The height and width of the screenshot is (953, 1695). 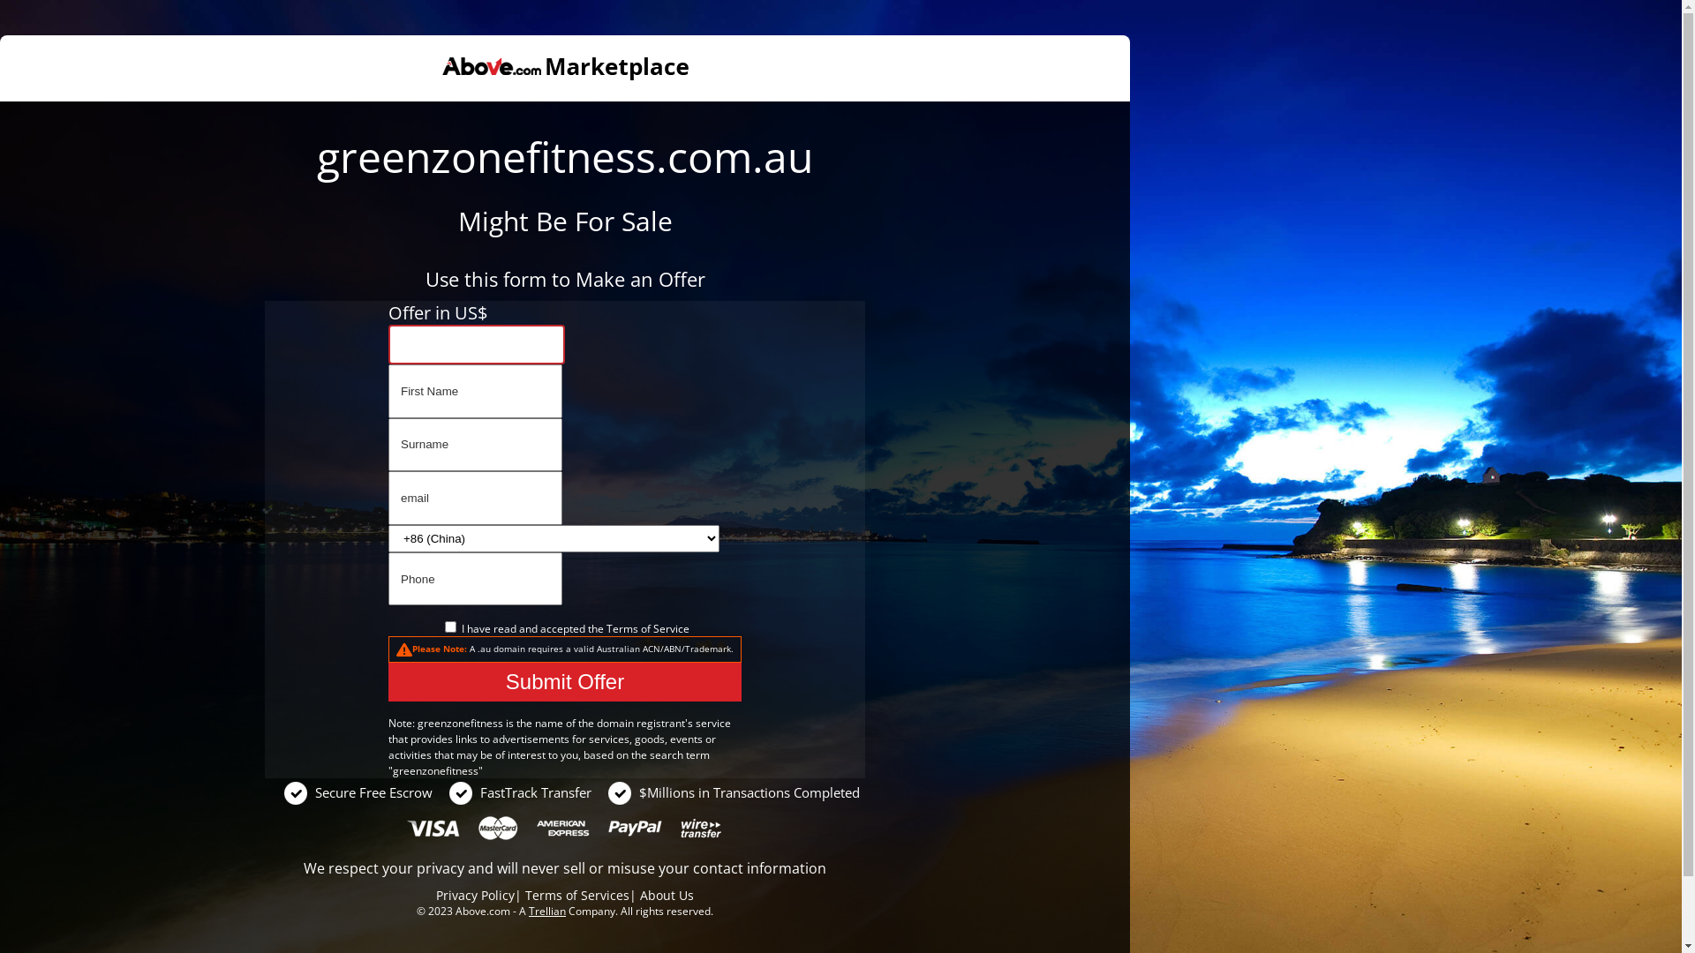 What do you see at coordinates (563, 680) in the screenshot?
I see `'Submit Offer'` at bounding box center [563, 680].